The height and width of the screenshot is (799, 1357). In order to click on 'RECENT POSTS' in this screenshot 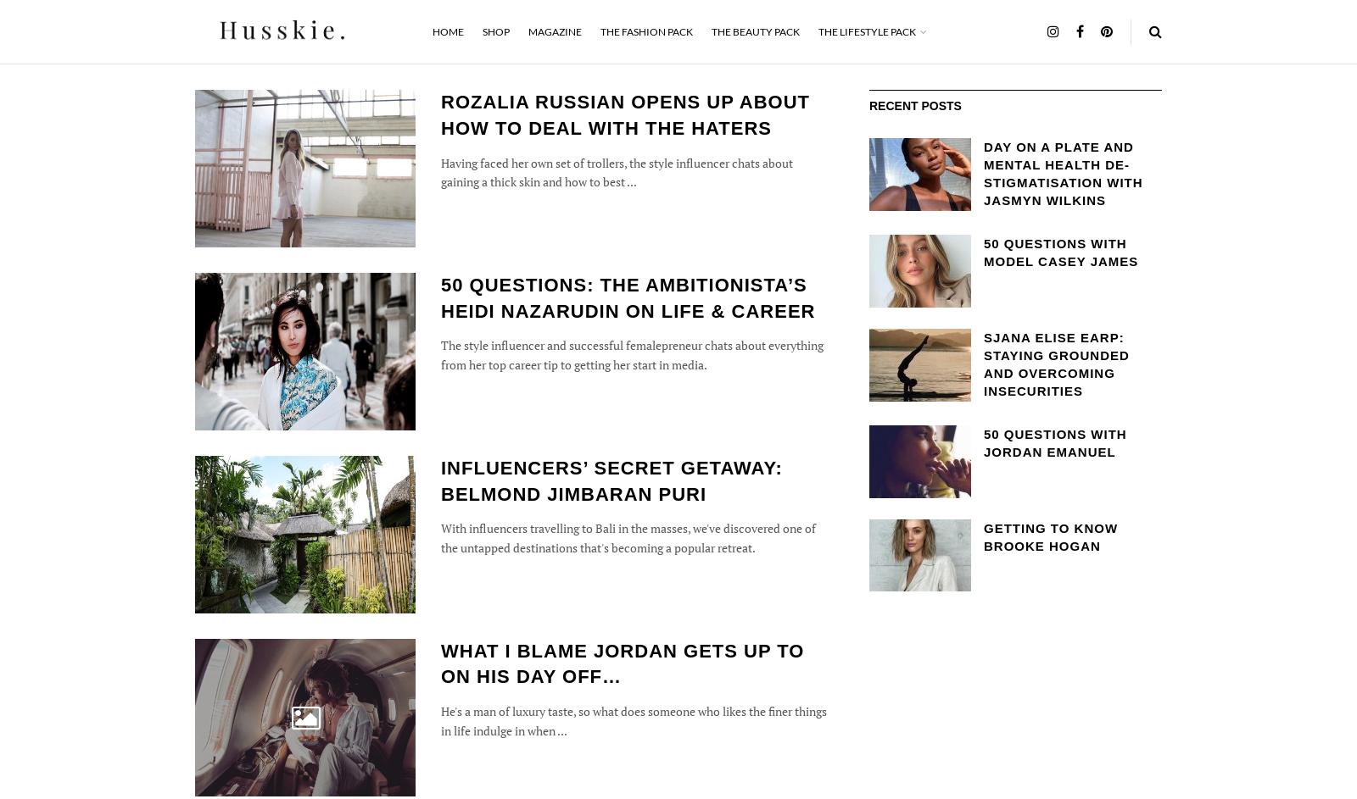, I will do `click(915, 106)`.